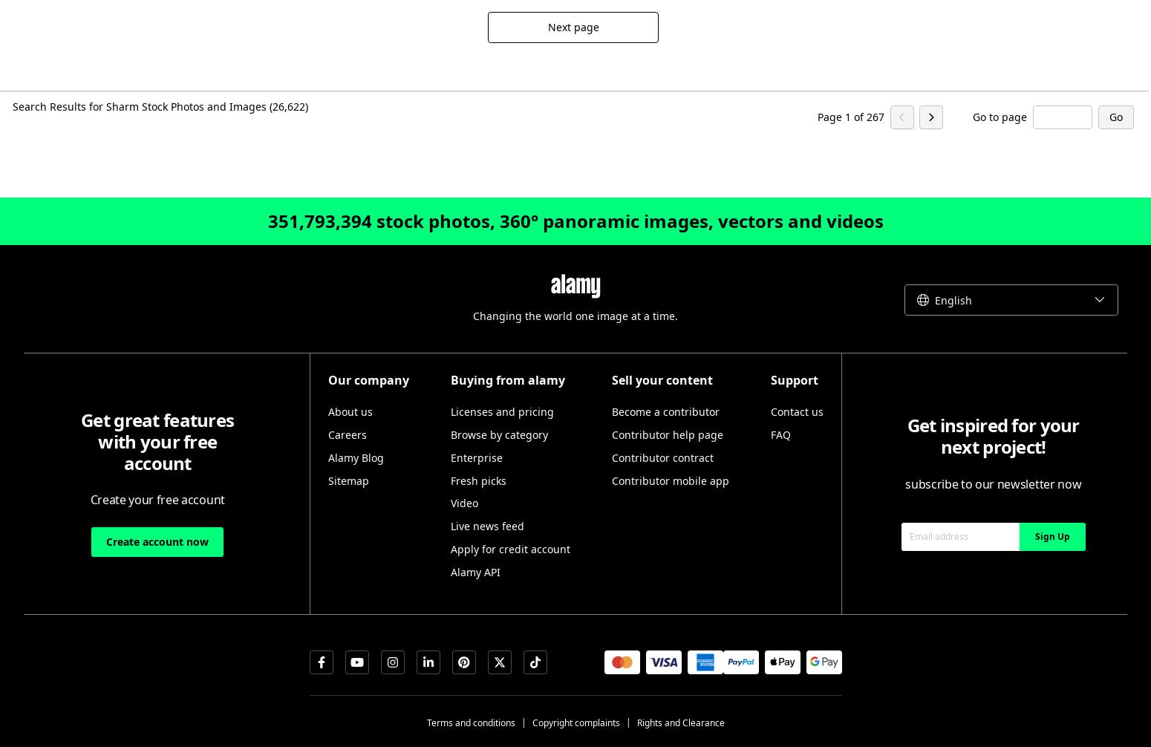 The width and height of the screenshot is (1151, 747). I want to click on 'Alamy Blog', so click(354, 457).